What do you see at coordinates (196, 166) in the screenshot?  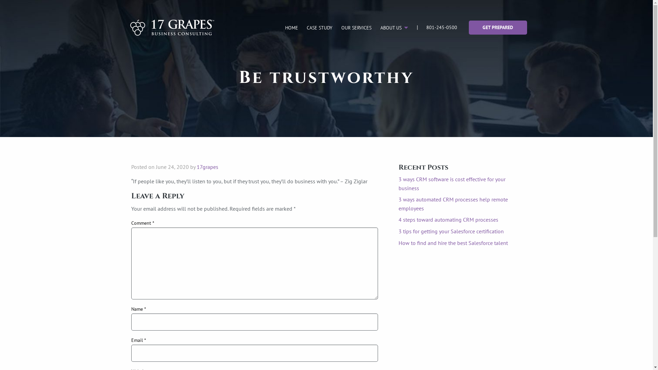 I see `'17grapes'` at bounding box center [196, 166].